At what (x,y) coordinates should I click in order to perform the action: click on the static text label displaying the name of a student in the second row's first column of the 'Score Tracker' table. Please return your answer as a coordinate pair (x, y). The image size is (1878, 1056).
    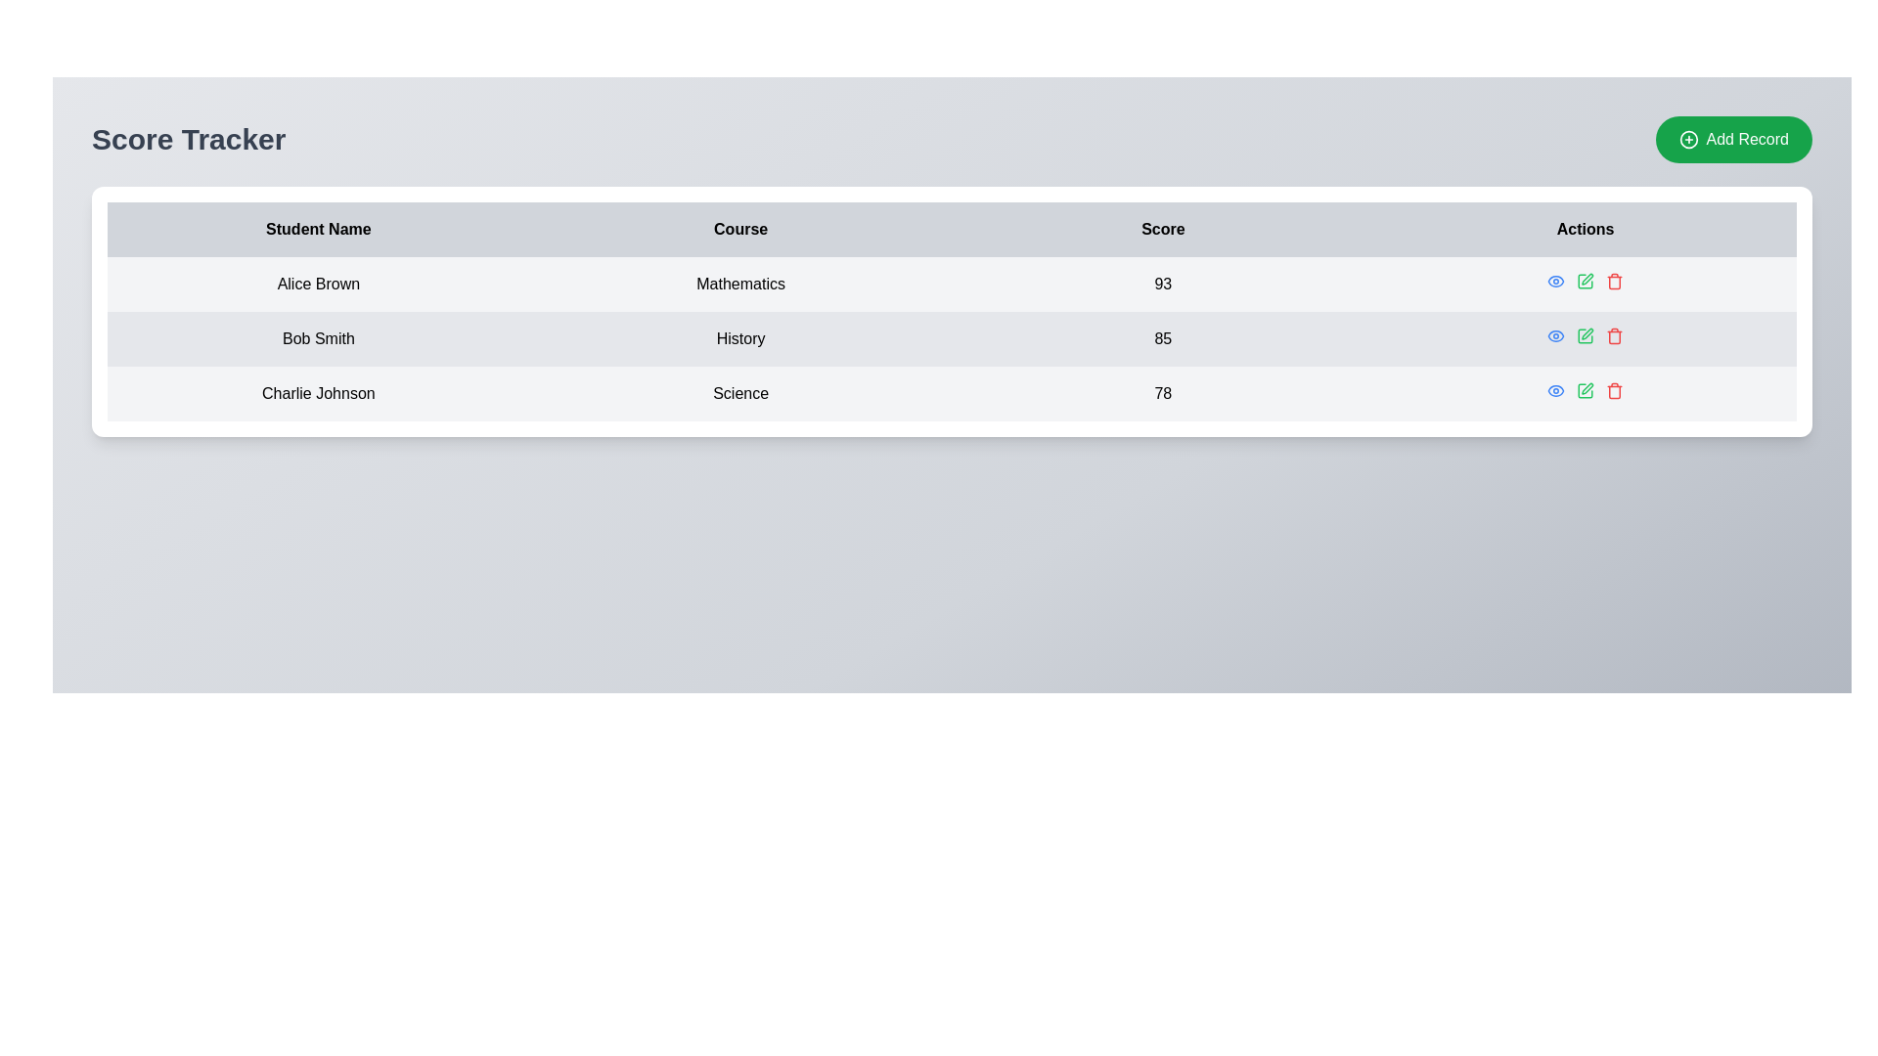
    Looking at the image, I should click on (318, 338).